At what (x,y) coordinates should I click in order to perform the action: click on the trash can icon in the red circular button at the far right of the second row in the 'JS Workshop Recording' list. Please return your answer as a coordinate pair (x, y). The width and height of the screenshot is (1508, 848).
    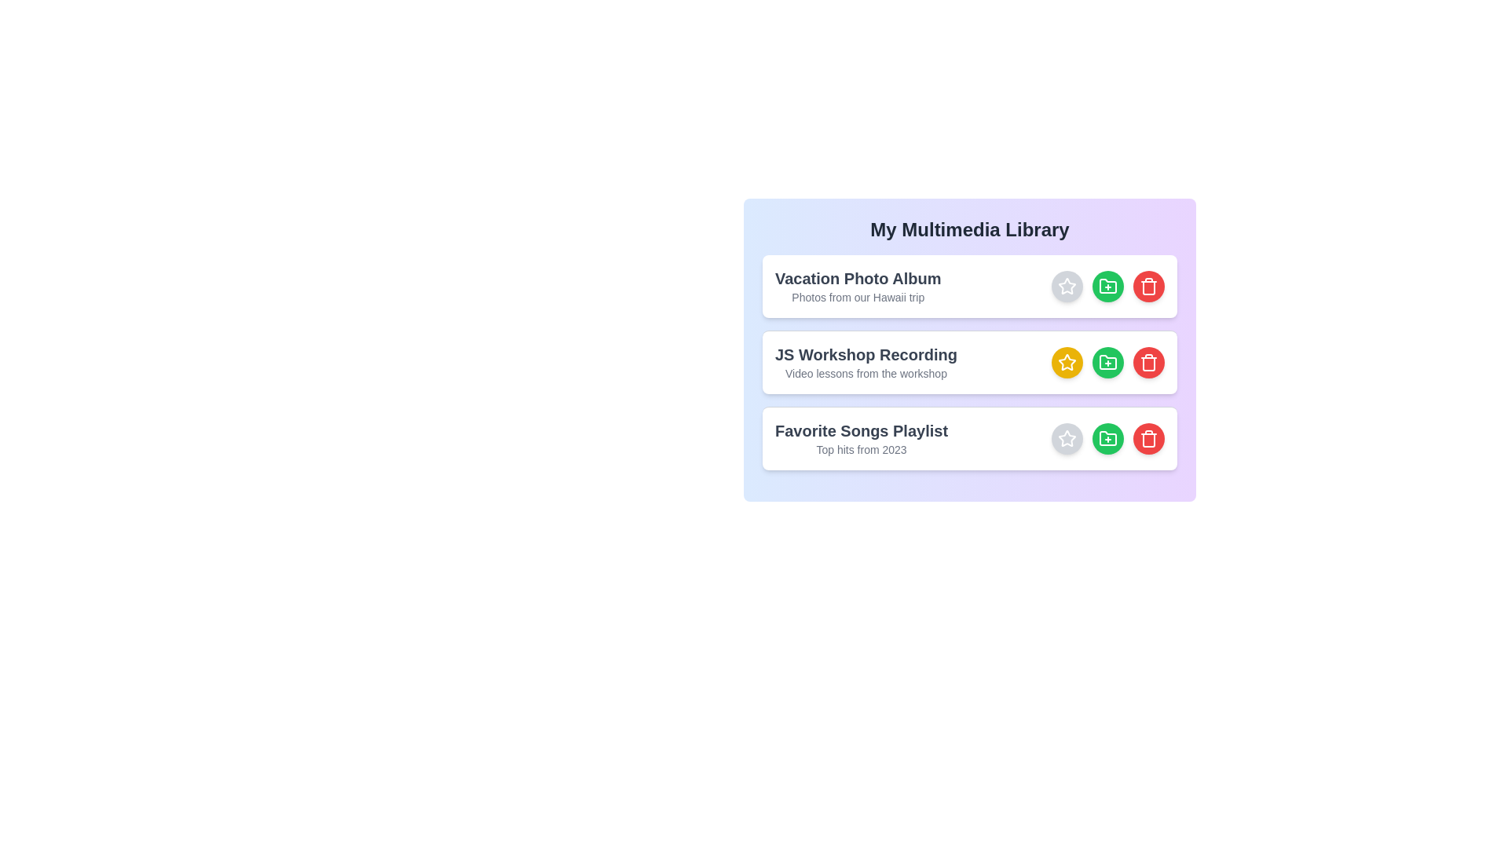
    Looking at the image, I should click on (1149, 287).